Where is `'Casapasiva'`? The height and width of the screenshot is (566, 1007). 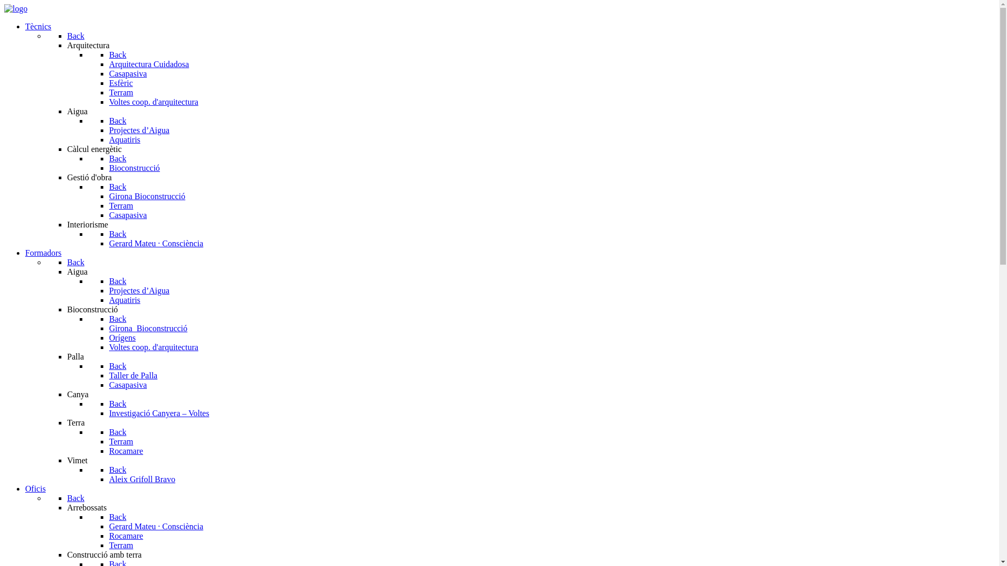 'Casapasiva' is located at coordinates (127, 73).